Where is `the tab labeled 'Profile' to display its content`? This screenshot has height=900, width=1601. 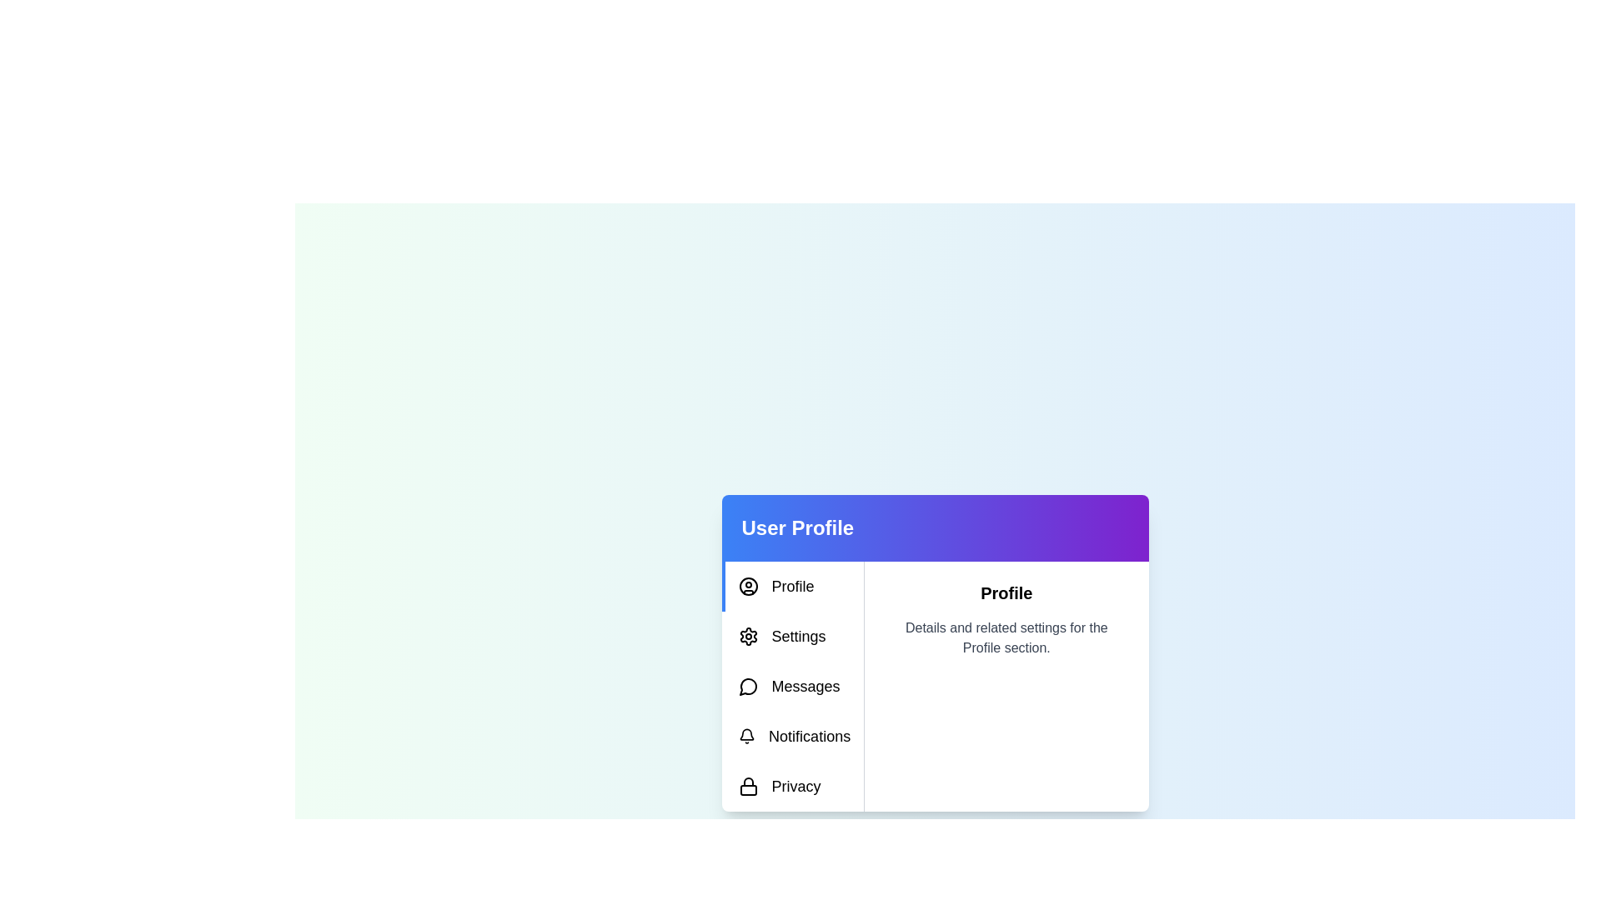 the tab labeled 'Profile' to display its content is located at coordinates (791, 586).